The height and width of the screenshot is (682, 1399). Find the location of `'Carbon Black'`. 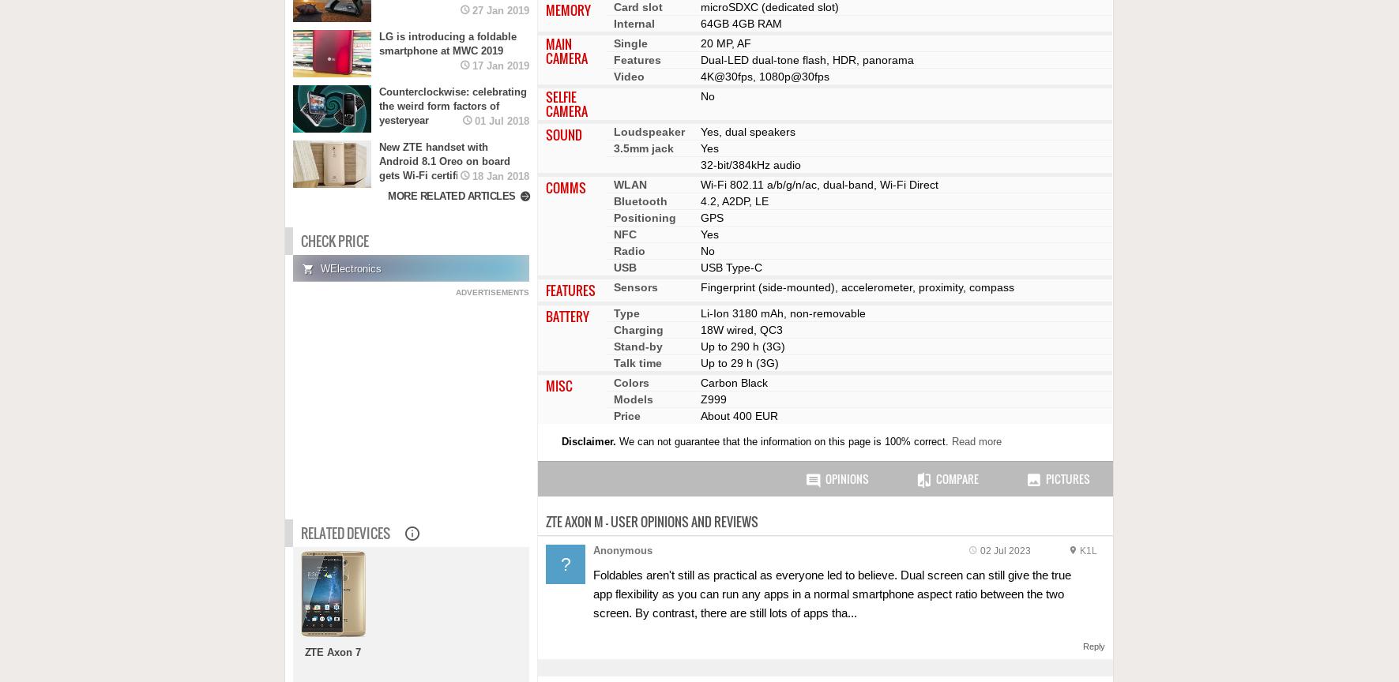

'Carbon Black' is located at coordinates (734, 382).